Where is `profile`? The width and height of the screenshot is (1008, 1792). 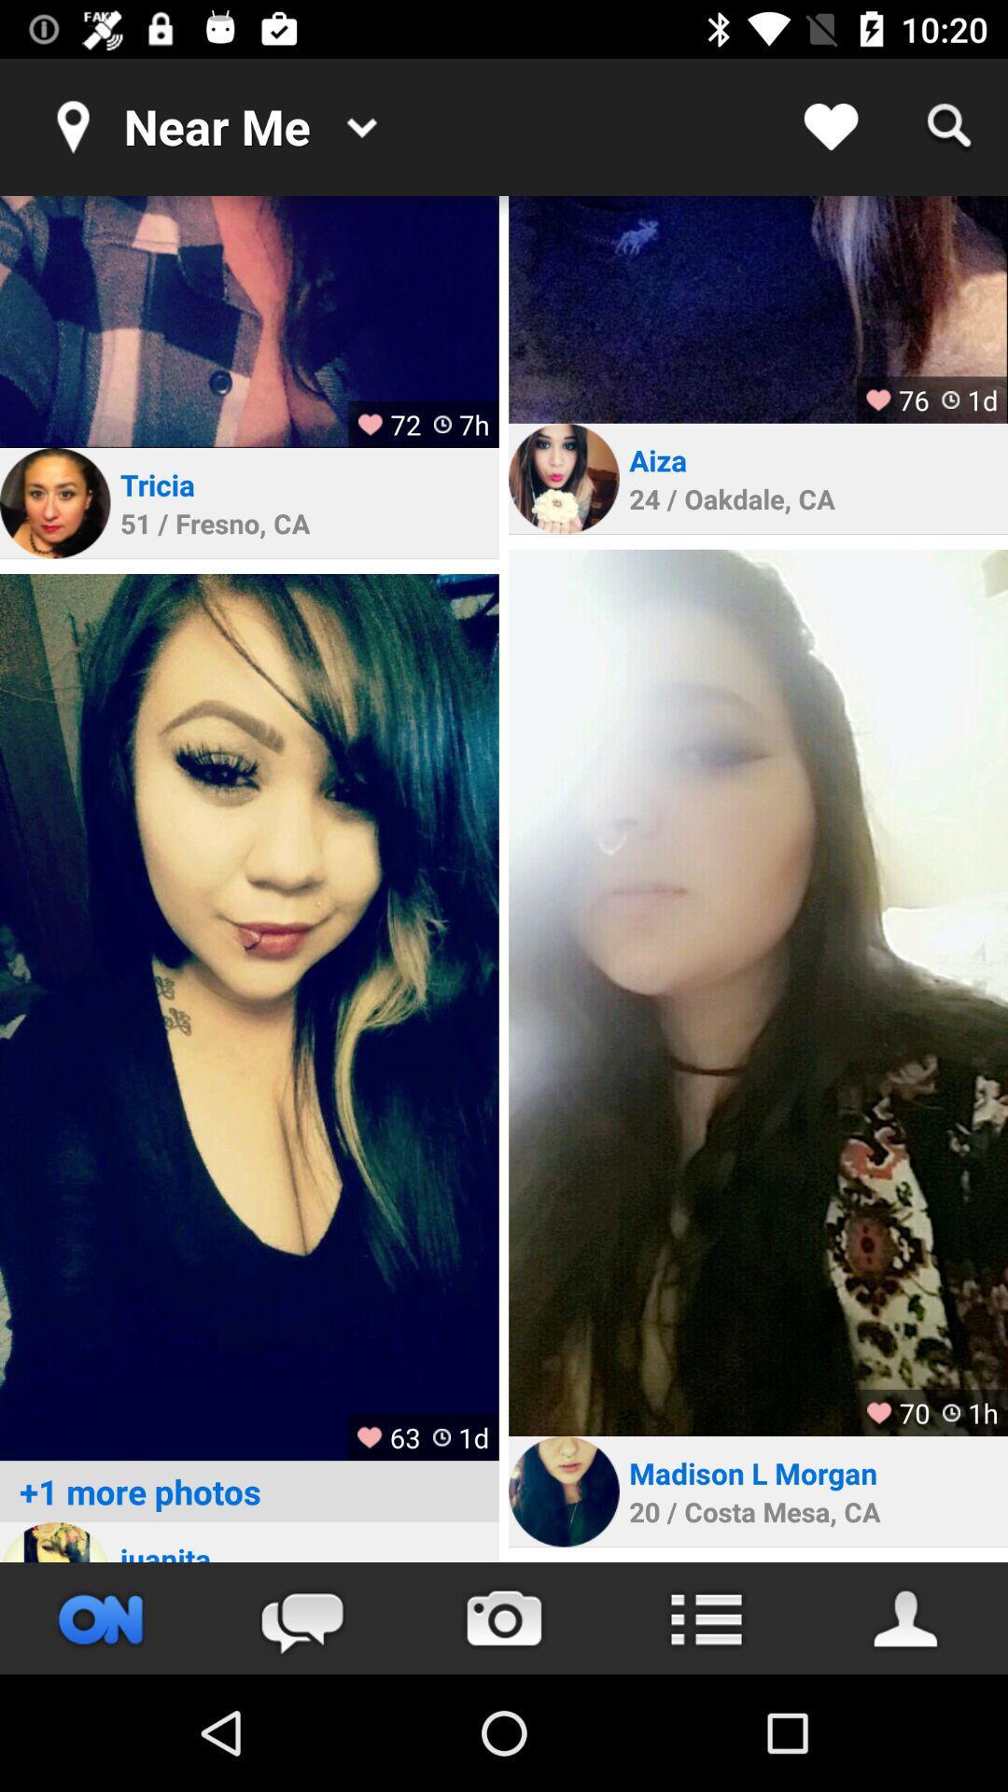 profile is located at coordinates (54, 503).